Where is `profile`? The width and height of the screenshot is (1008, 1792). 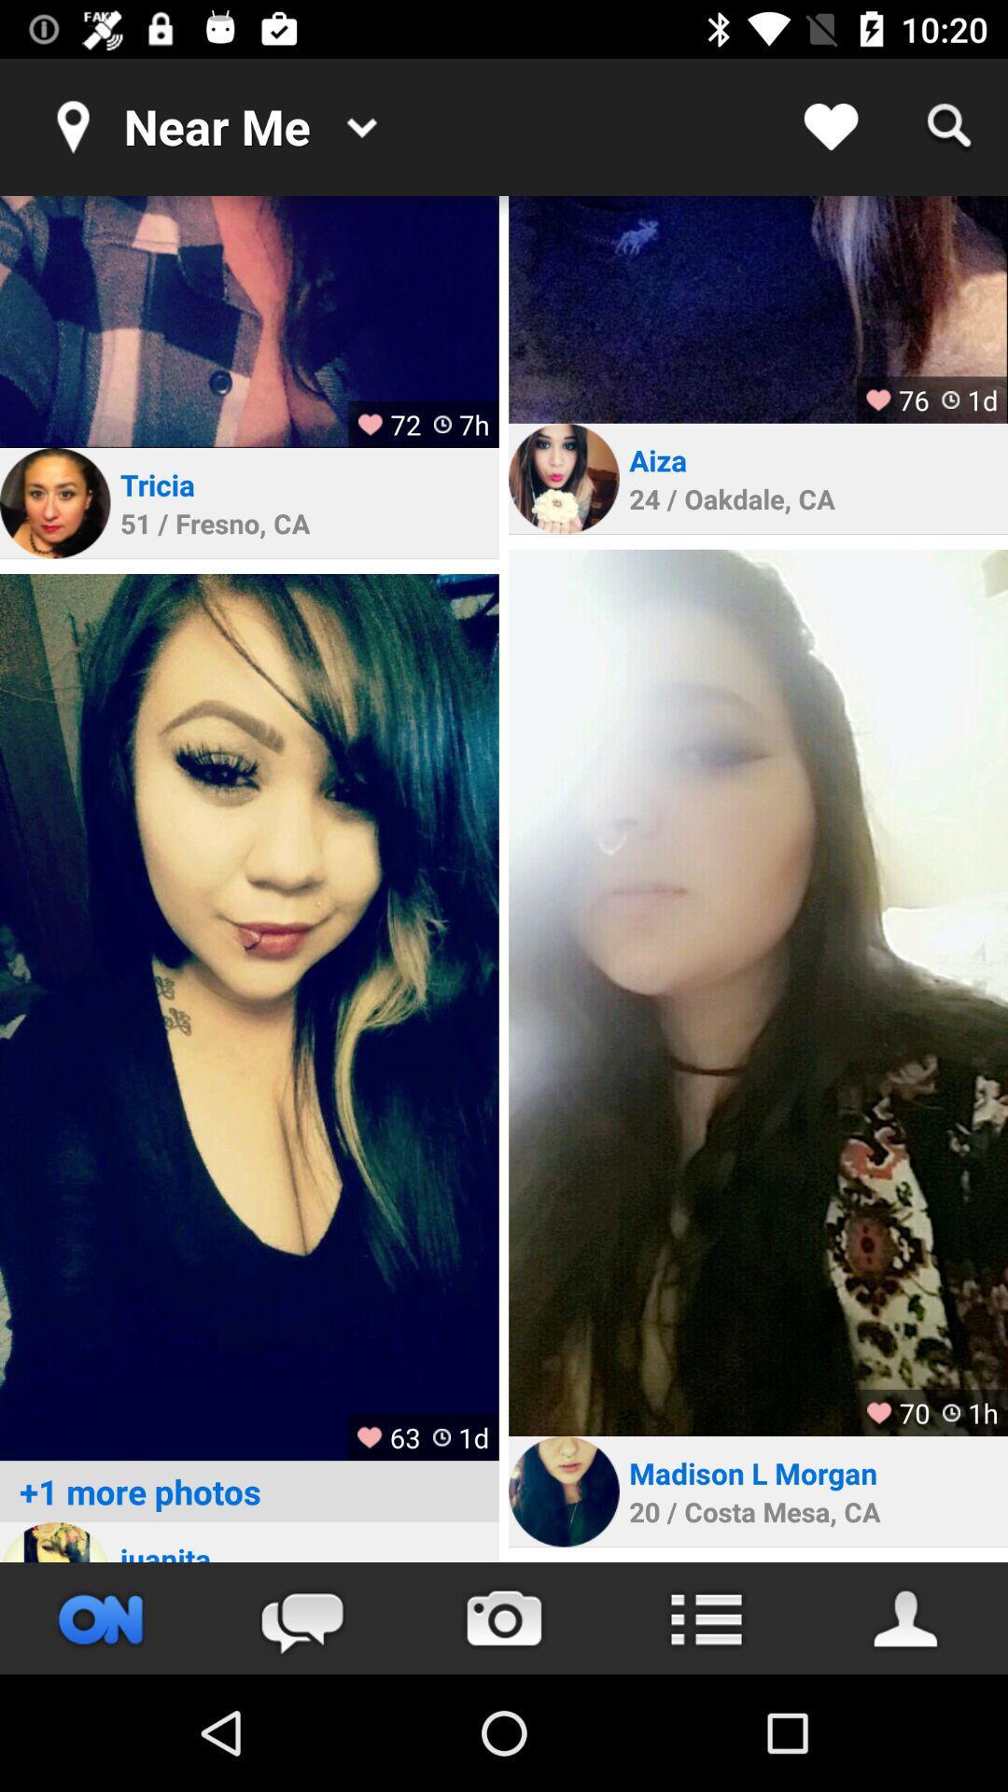 profile is located at coordinates (54, 503).